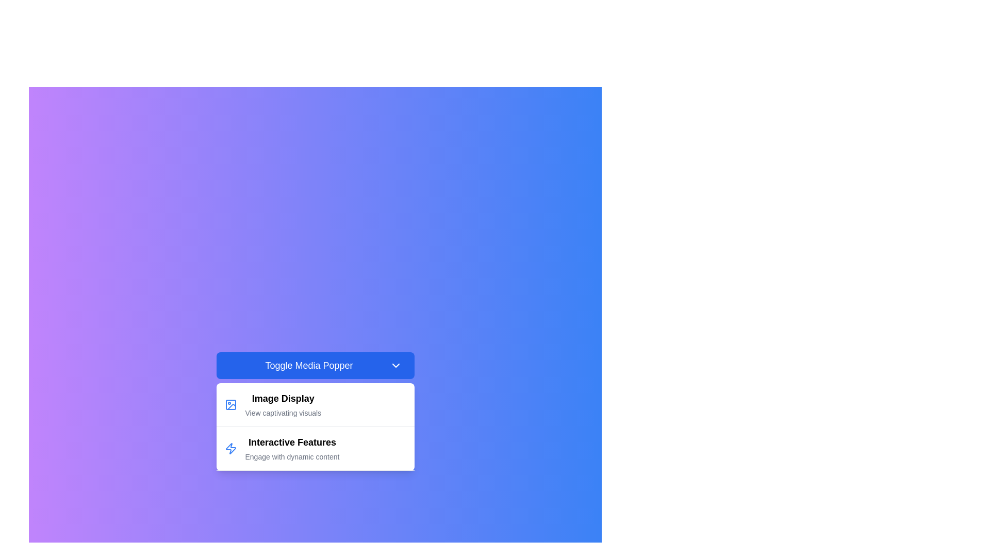 Image resolution: width=990 pixels, height=557 pixels. What do you see at coordinates (315, 427) in the screenshot?
I see `the second section of the dropdown menu titled 'Interactive Features', located directly below the 'Toggle Media Popper' button` at bounding box center [315, 427].